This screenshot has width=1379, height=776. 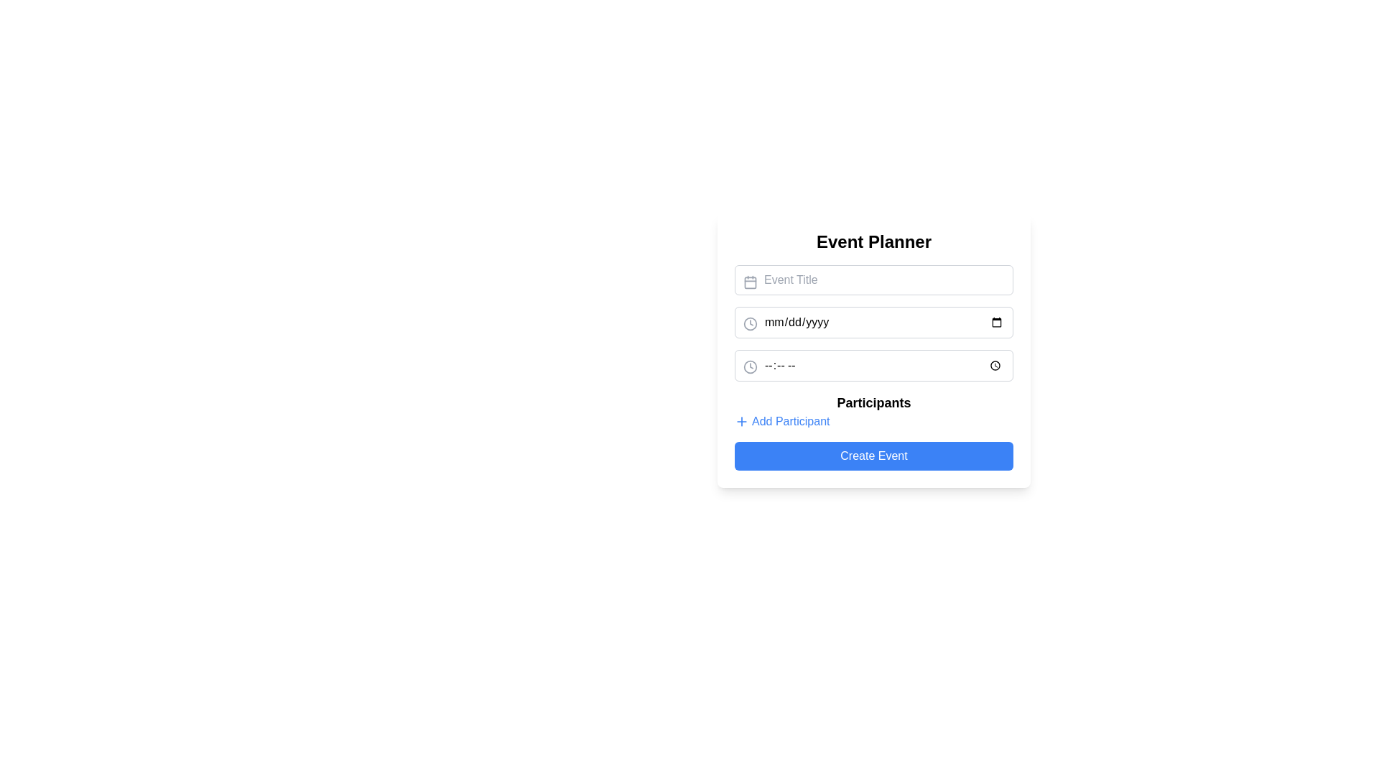 I want to click on the circular graphic element that is part of the clock icon, located next to the input field labeled '--:--' in the 'Event Planner' form, so click(x=750, y=365).